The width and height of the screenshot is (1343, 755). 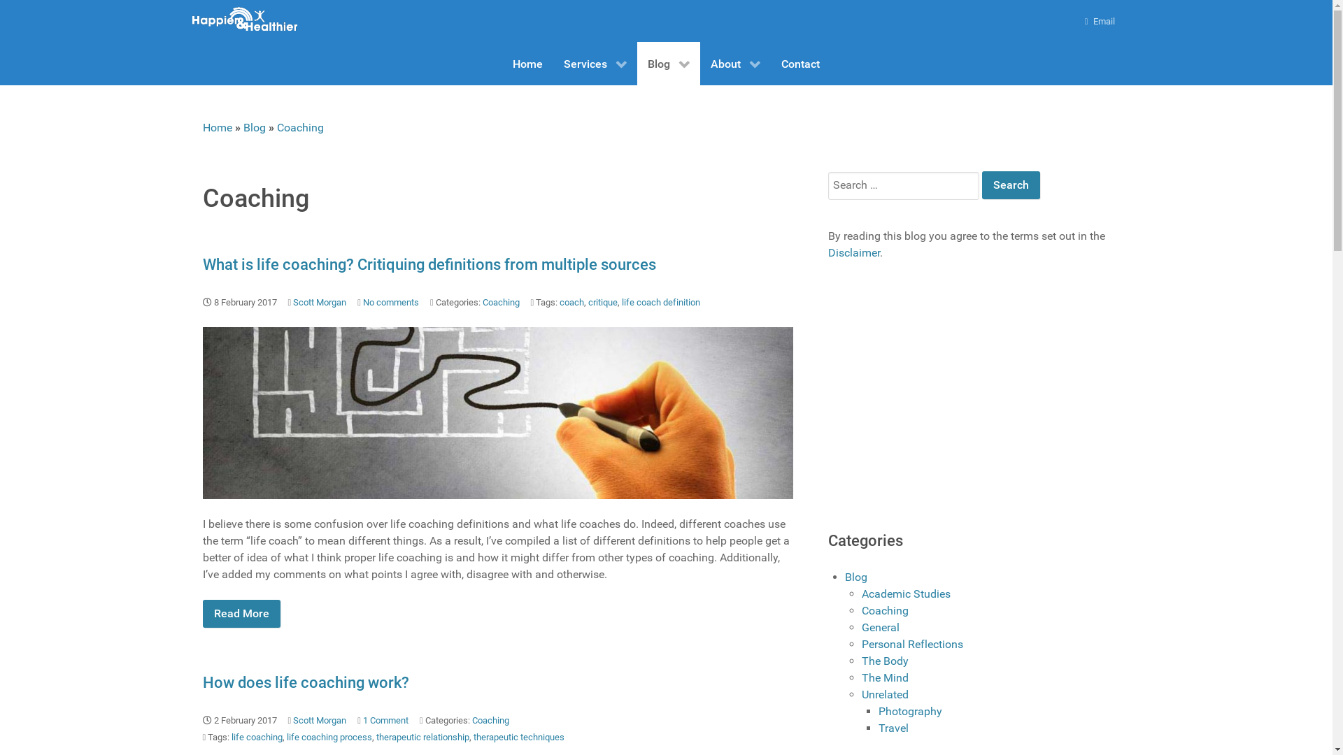 What do you see at coordinates (241, 613) in the screenshot?
I see `'Read More'` at bounding box center [241, 613].